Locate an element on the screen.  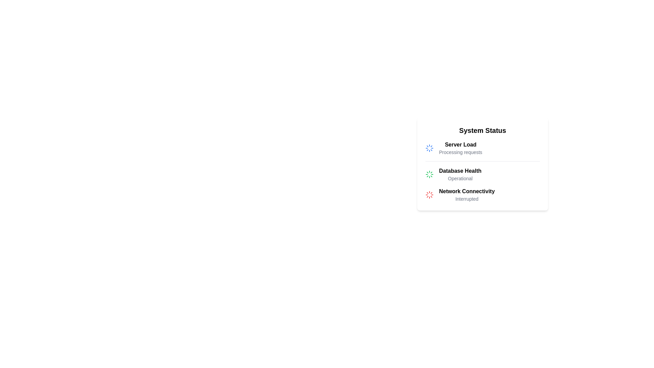
the 'Network Connectivity' text label which is displayed in bold styling and indicates system status, positioned above the 'Interrupted' status description is located at coordinates (466, 191).